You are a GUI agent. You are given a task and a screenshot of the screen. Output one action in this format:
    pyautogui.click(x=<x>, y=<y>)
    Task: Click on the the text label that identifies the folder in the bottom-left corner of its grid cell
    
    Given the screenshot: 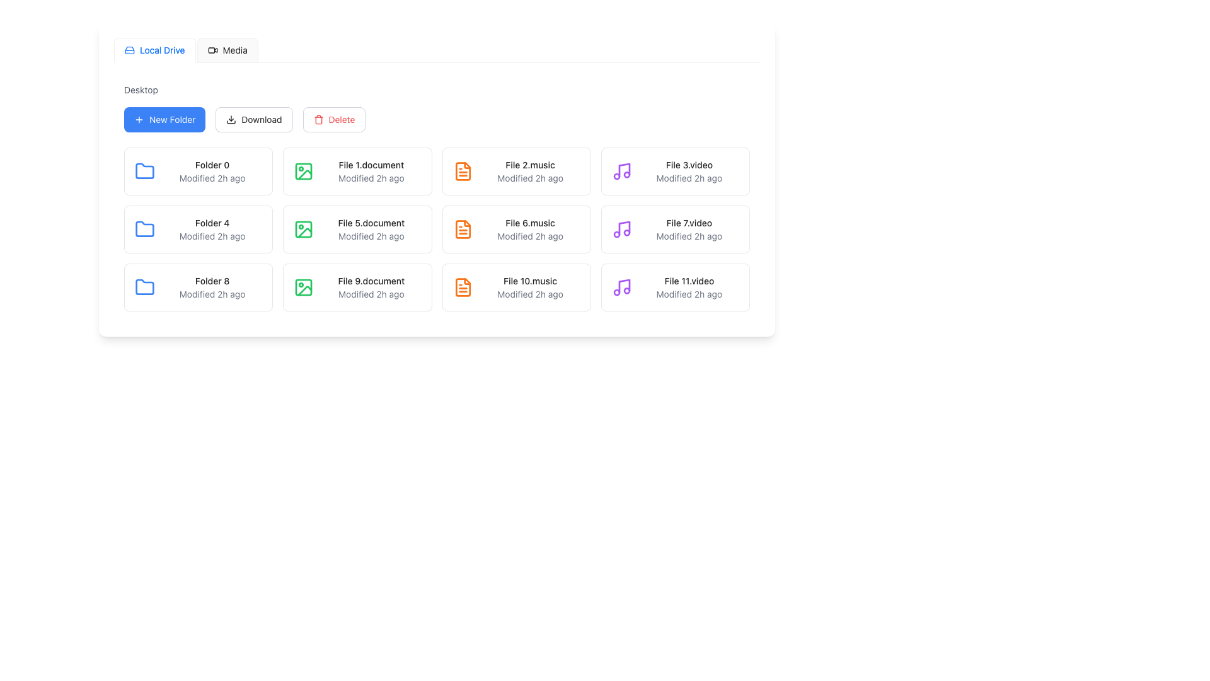 What is the action you would take?
    pyautogui.click(x=212, y=281)
    